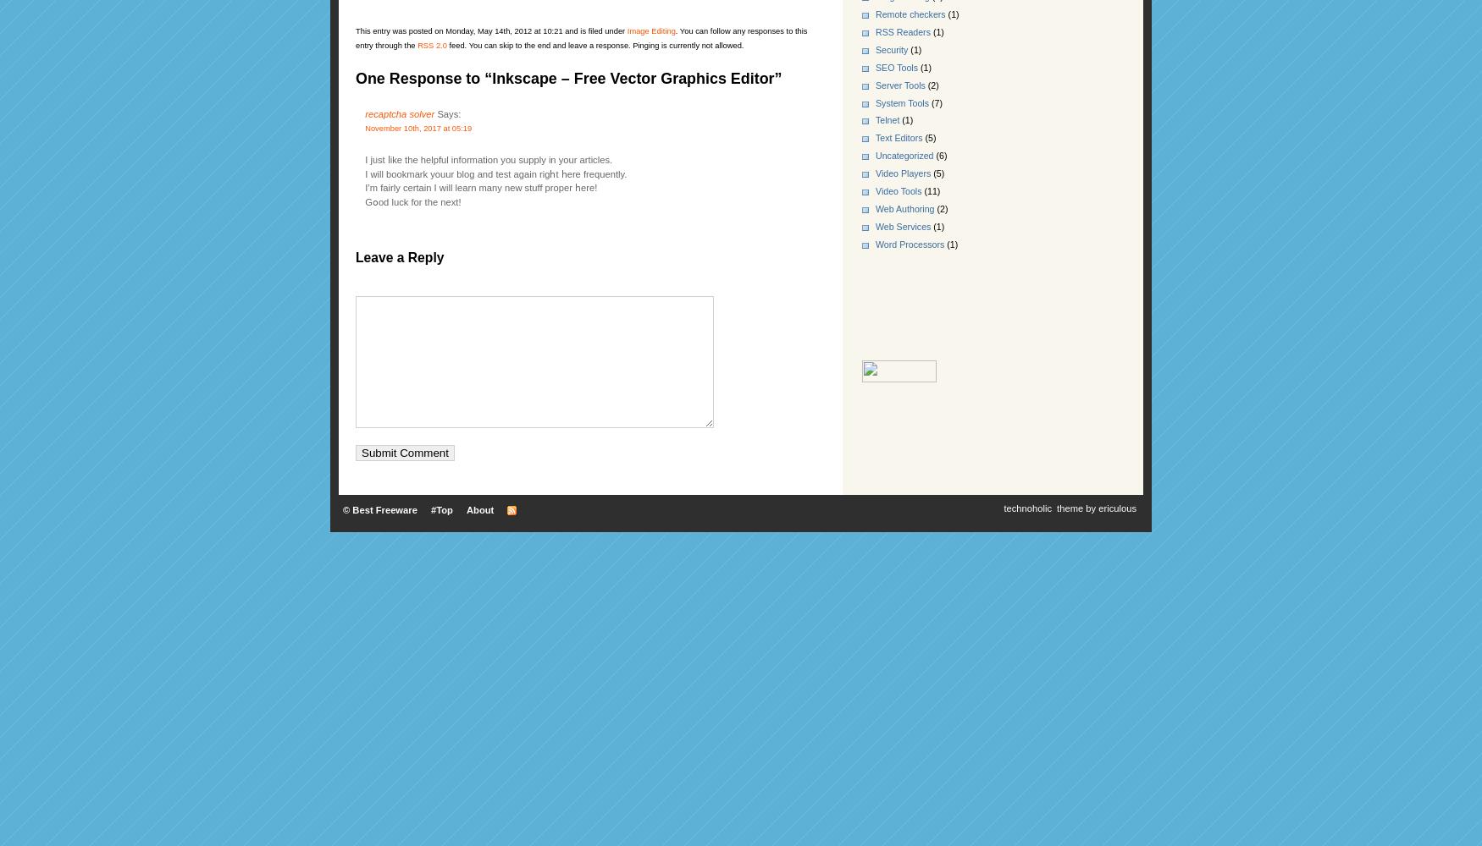 The width and height of the screenshot is (1482, 846). What do you see at coordinates (1117, 508) in the screenshot?
I see `'ericulous'` at bounding box center [1117, 508].